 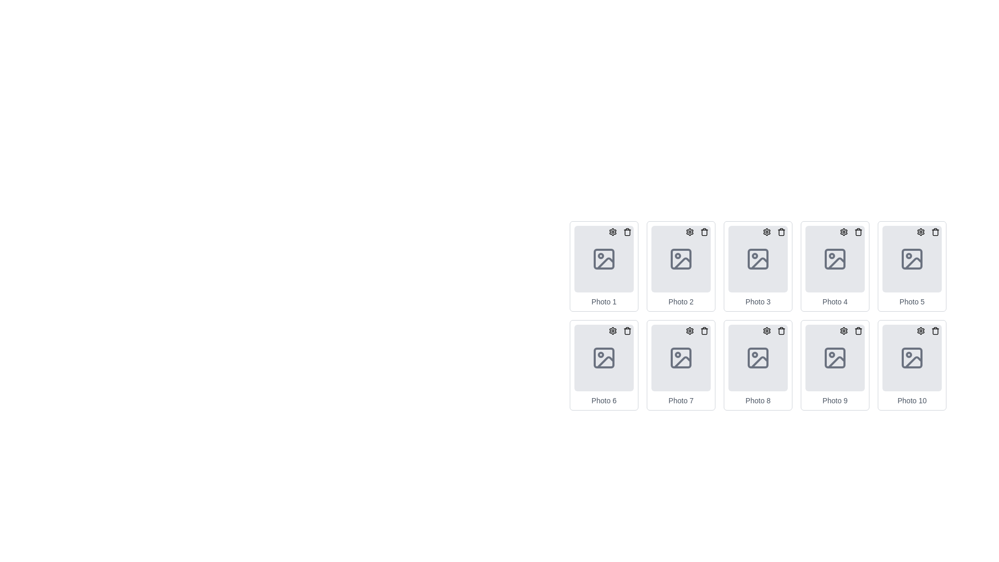 What do you see at coordinates (835, 357) in the screenshot?
I see `the rectangular component of the photo icon, which is the ninth item in the grid layout, and is centrally positioned within the icon` at bounding box center [835, 357].